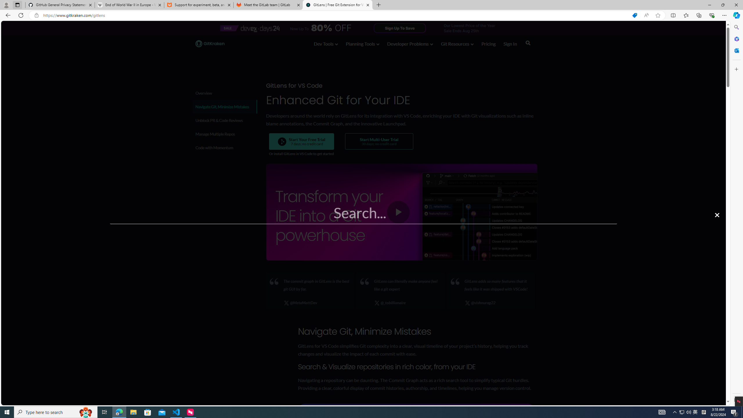  Describe the element at coordinates (225, 120) in the screenshot. I see `'Unblock PR & Code Reviews'` at that location.